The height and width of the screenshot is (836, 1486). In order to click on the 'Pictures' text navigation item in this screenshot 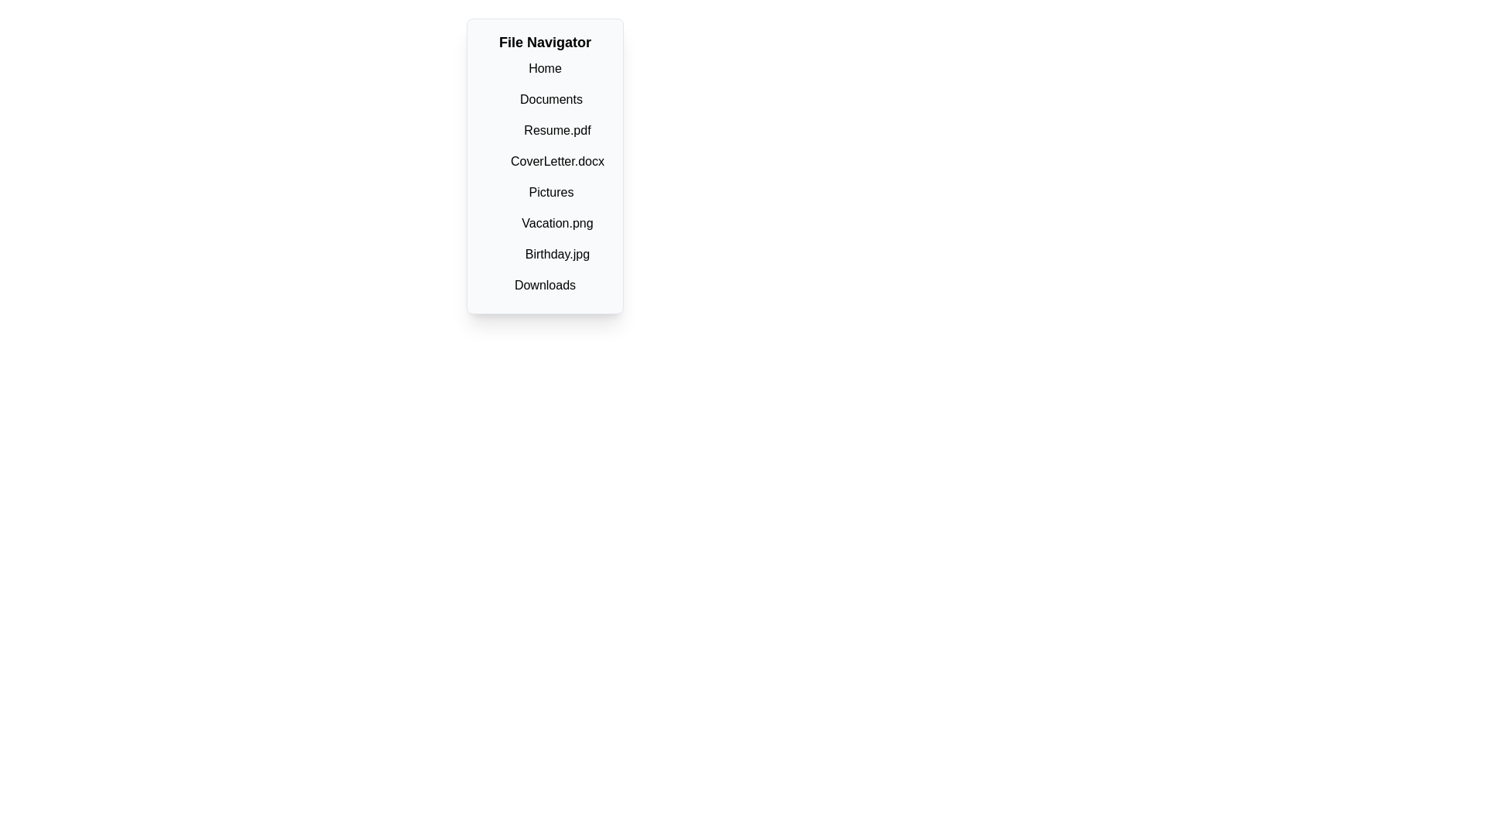, I will do `click(551, 192)`.